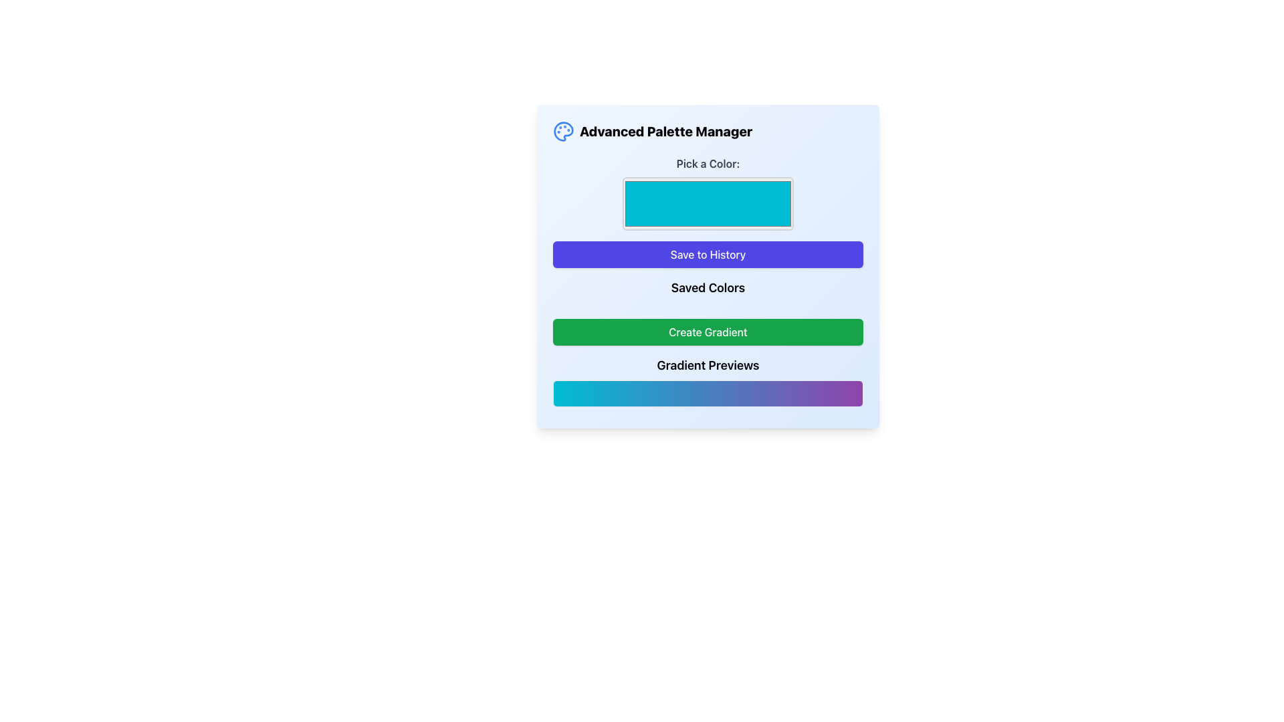 This screenshot has width=1284, height=722. What do you see at coordinates (708, 255) in the screenshot?
I see `the rectangular button with rounded corners that reads 'Save to History'` at bounding box center [708, 255].